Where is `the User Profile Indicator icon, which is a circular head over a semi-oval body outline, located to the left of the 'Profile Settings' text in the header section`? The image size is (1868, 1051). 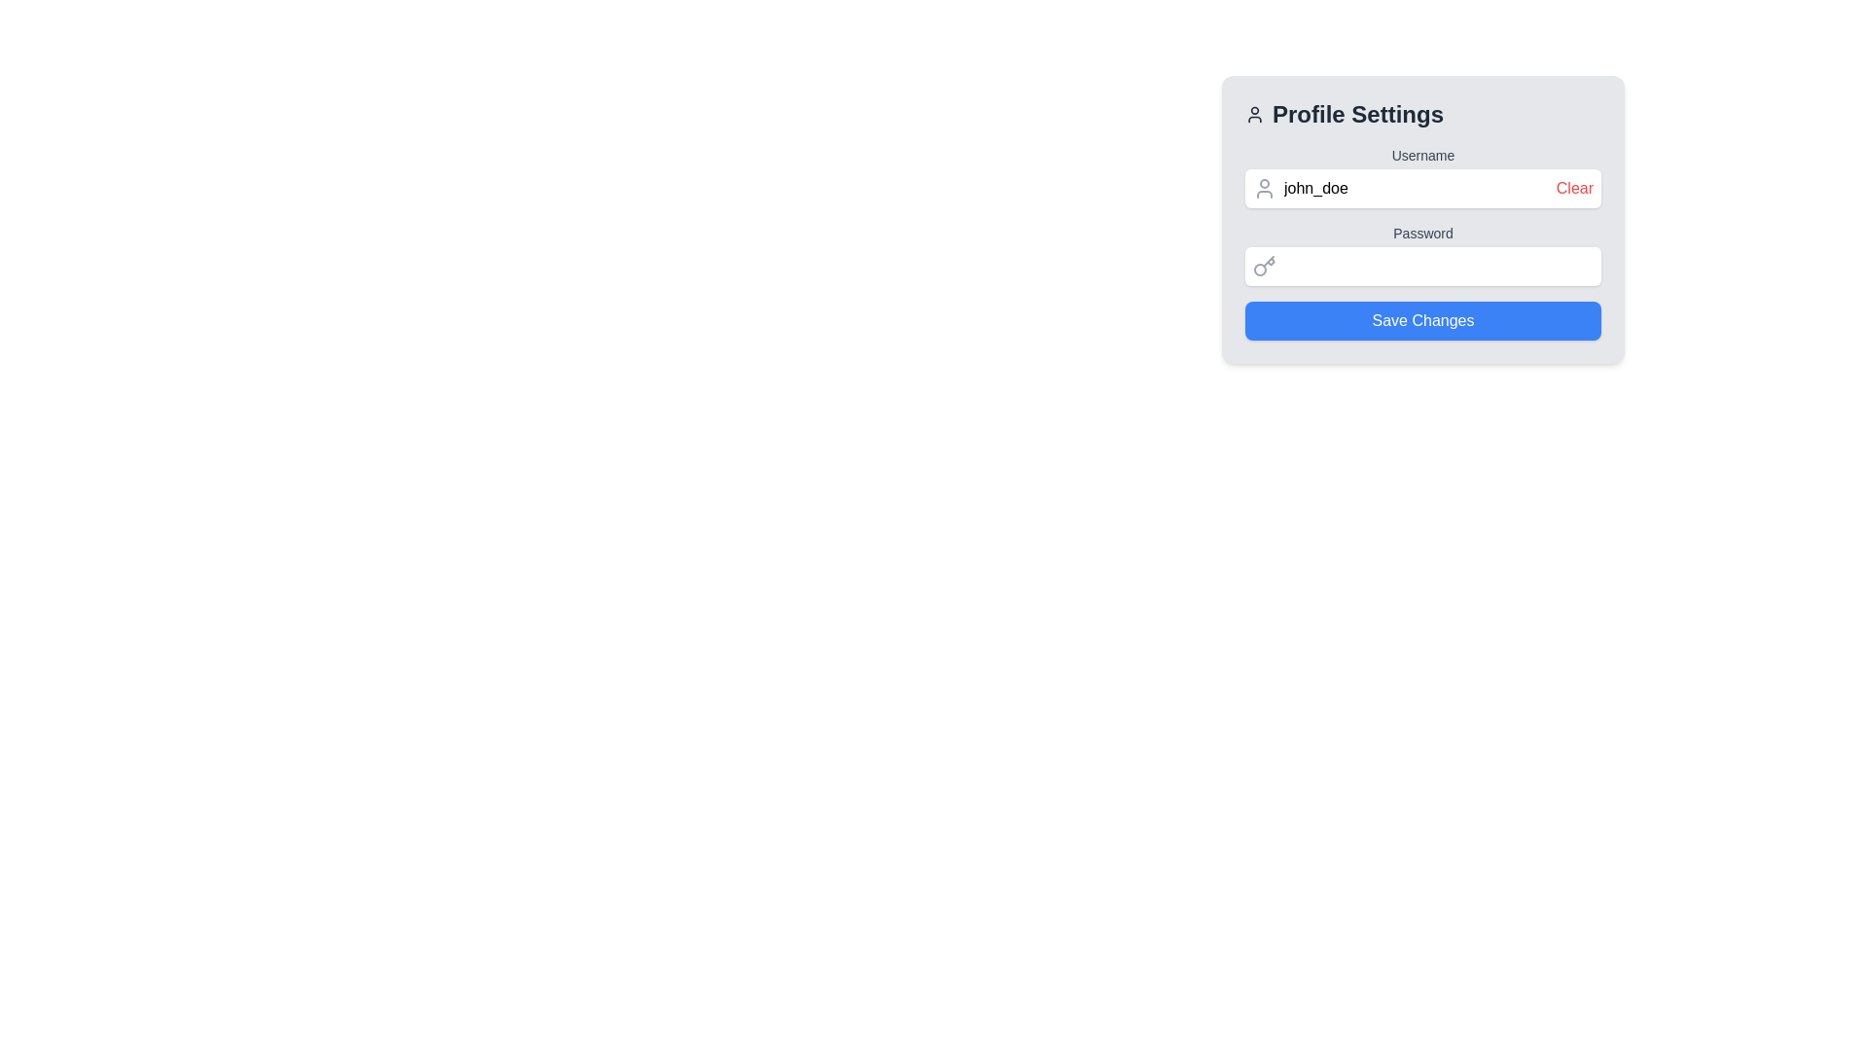
the User Profile Indicator icon, which is a circular head over a semi-oval body outline, located to the left of the 'Profile Settings' text in the header section is located at coordinates (1255, 115).